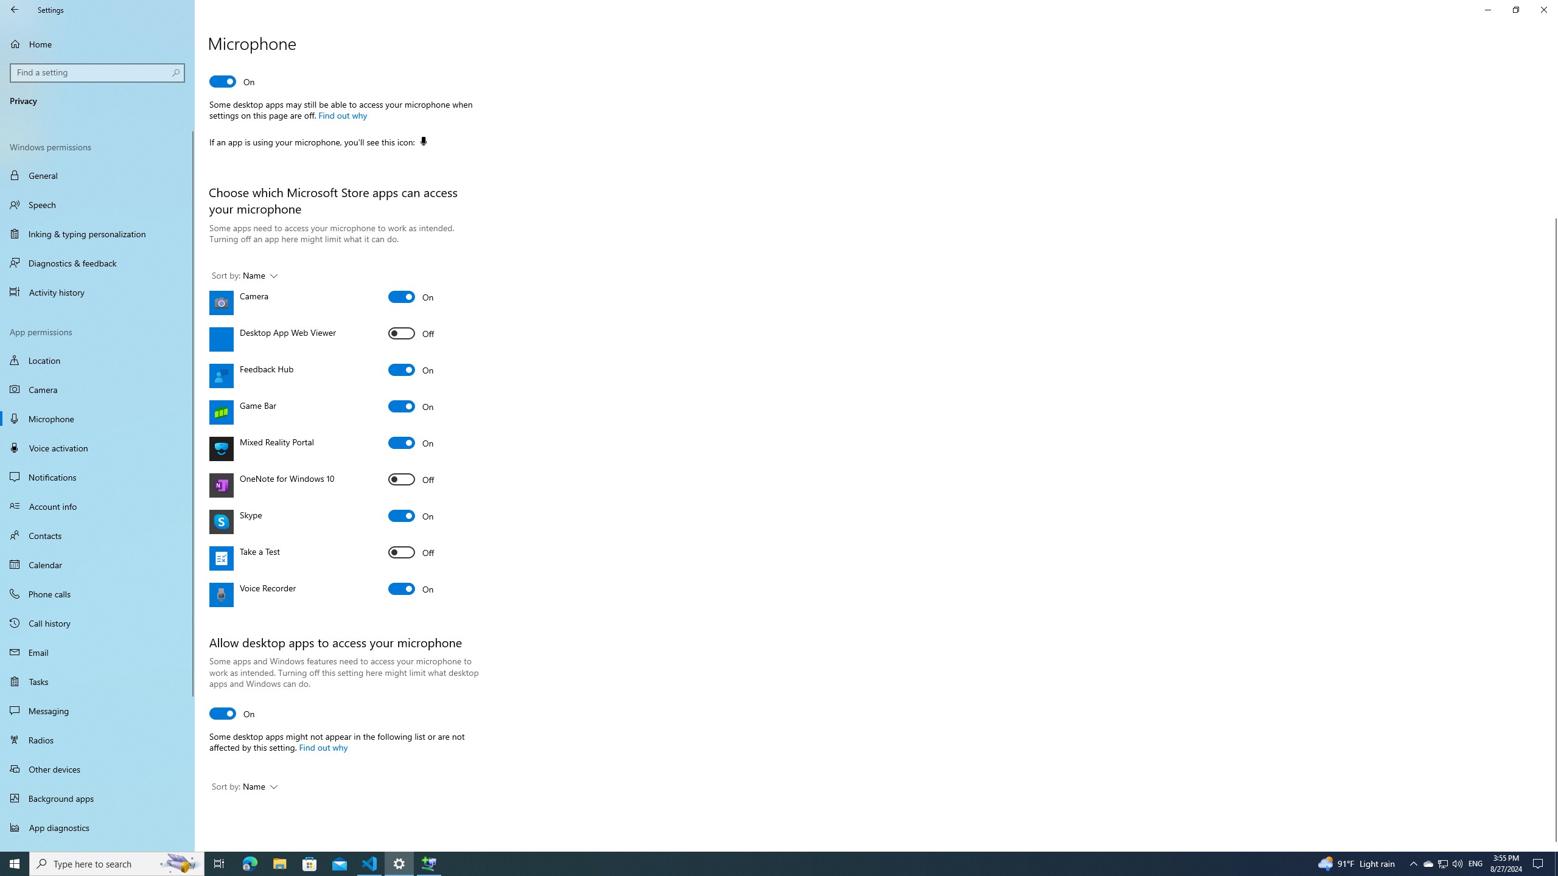 The image size is (1558, 876). Describe the element at coordinates (410, 406) in the screenshot. I see `'Game Bar'` at that location.